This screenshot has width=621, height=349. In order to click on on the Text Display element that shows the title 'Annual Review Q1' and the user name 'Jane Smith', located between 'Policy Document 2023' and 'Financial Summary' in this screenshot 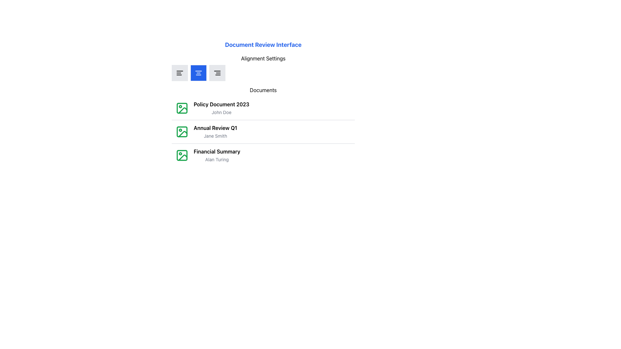, I will do `click(215, 132)`.